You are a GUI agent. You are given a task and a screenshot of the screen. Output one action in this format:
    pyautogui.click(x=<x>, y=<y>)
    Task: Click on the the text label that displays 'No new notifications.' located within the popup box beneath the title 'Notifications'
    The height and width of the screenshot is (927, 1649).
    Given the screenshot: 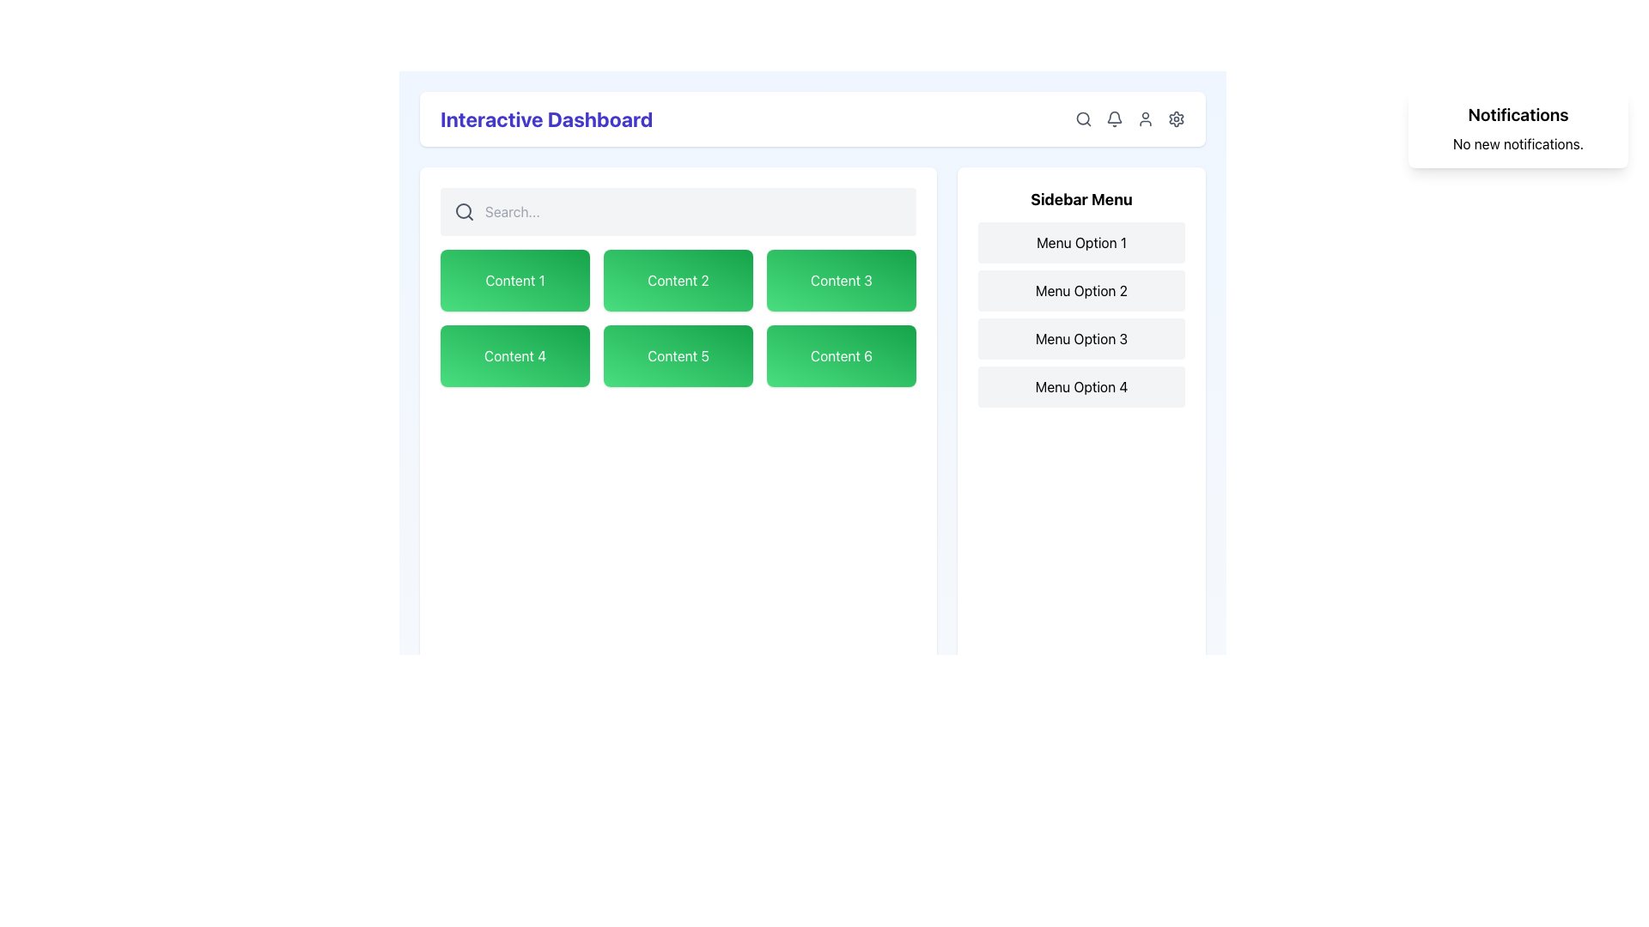 What is the action you would take?
    pyautogui.click(x=1518, y=143)
    